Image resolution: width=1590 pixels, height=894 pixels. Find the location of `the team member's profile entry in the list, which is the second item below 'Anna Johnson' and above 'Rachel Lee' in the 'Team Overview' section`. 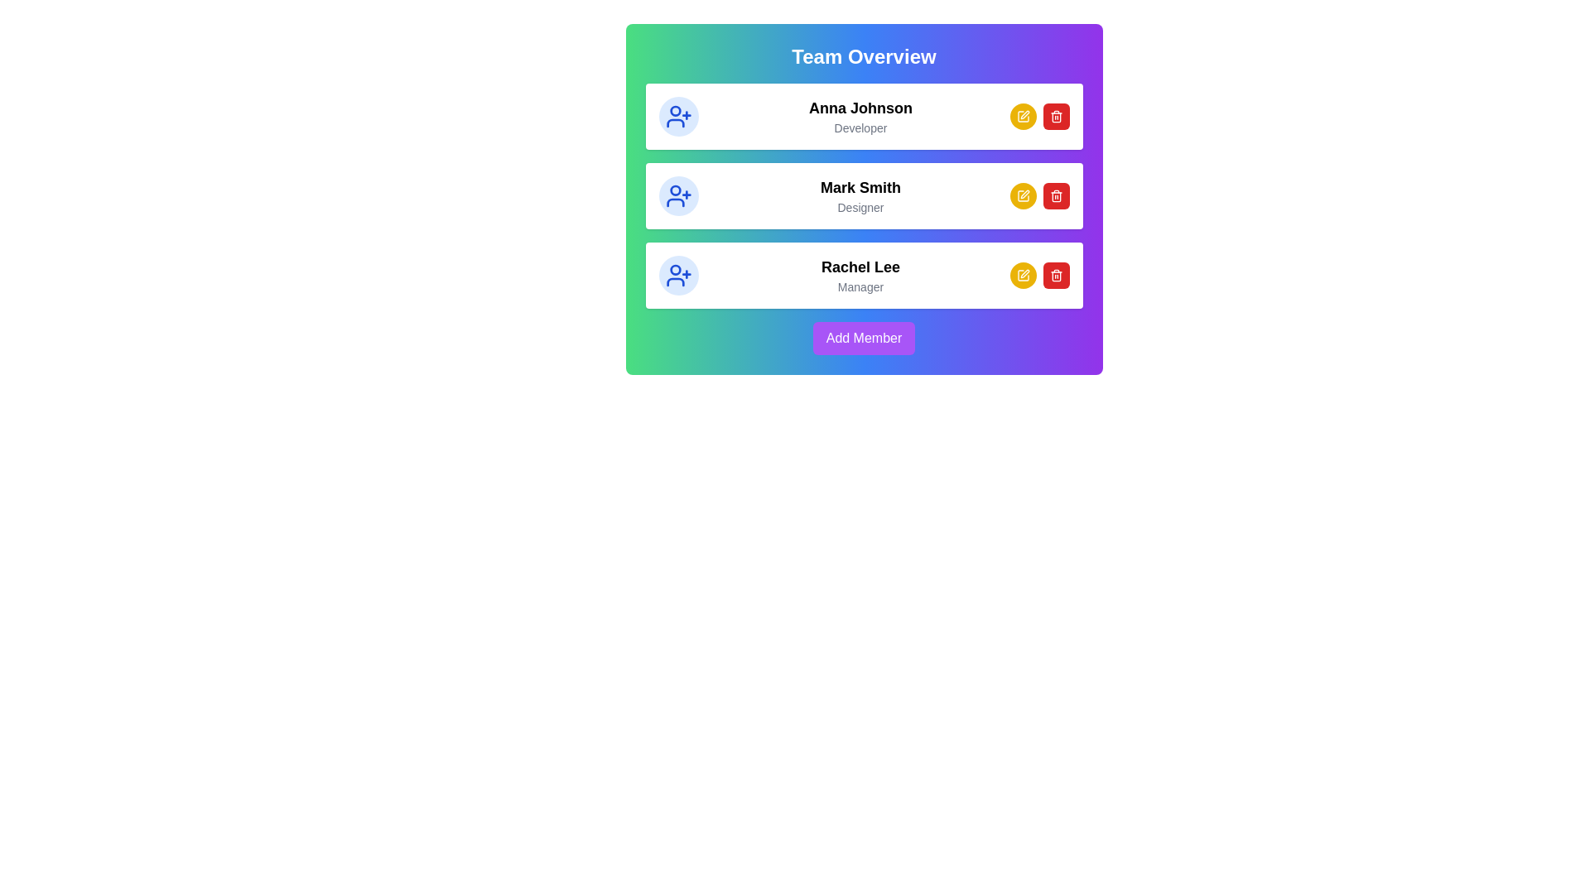

the team member's profile entry in the list, which is the second item below 'Anna Johnson' and above 'Rachel Lee' in the 'Team Overview' section is located at coordinates (863, 195).